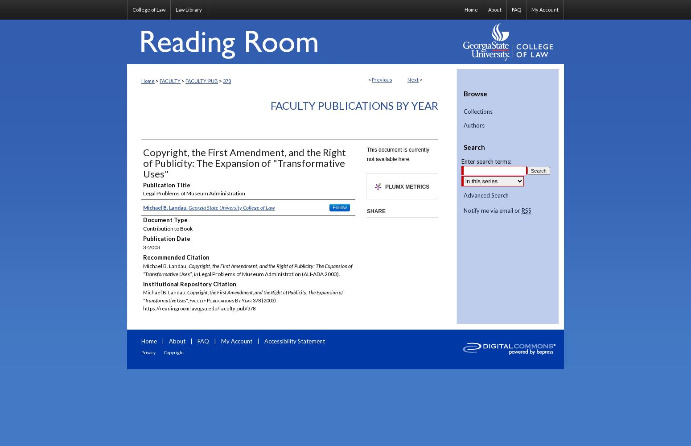 The height and width of the screenshot is (446, 691). What do you see at coordinates (166, 185) in the screenshot?
I see `'Publication Title'` at bounding box center [166, 185].